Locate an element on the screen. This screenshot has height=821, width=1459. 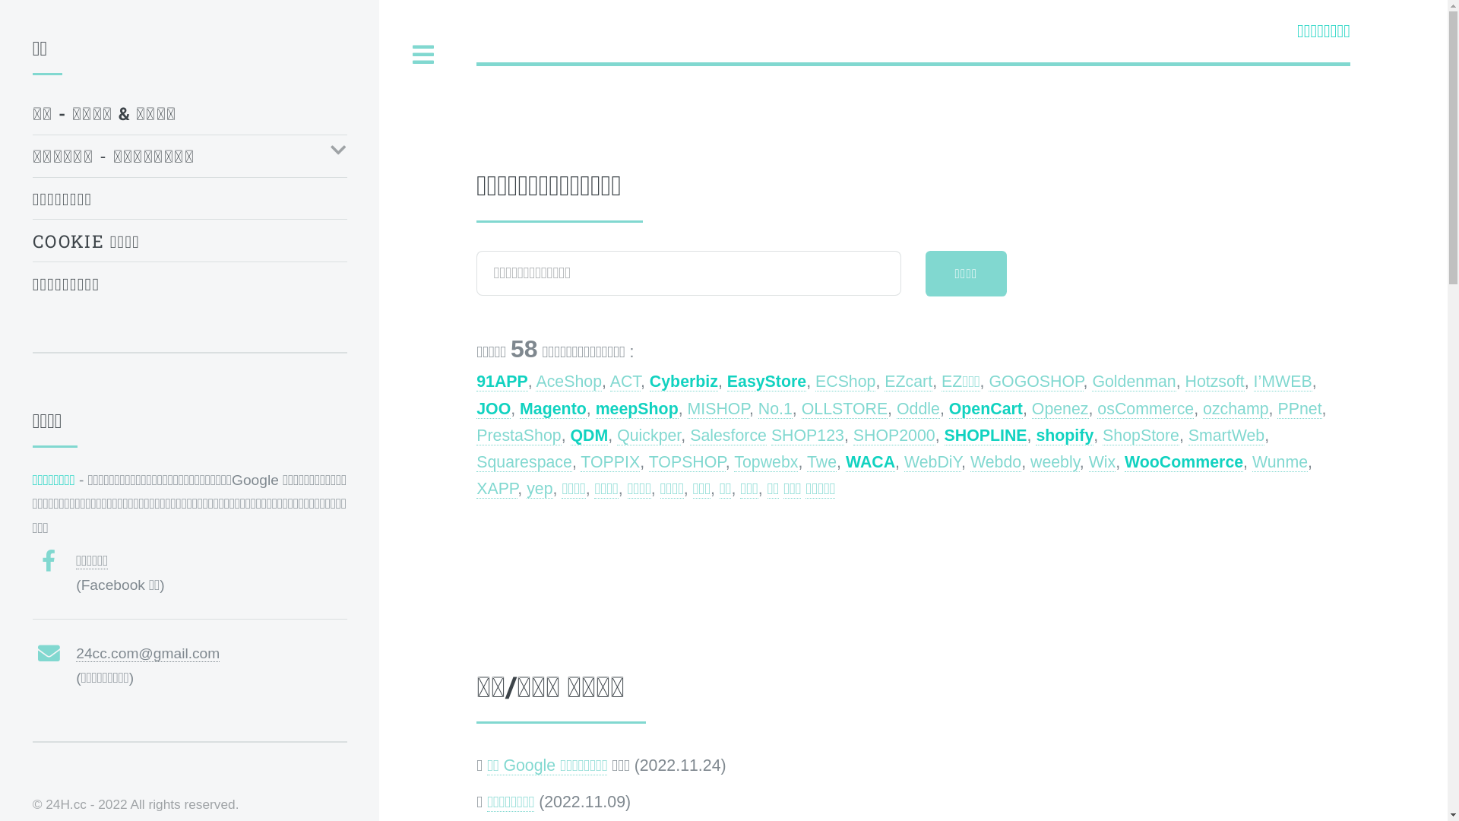
'Goldenman' is located at coordinates (1090, 381).